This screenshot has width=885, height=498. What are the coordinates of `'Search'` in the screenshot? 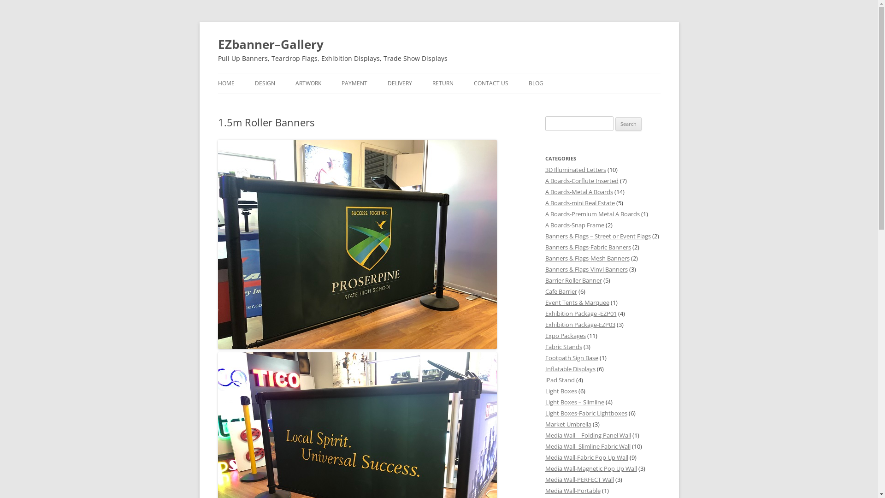 It's located at (628, 124).